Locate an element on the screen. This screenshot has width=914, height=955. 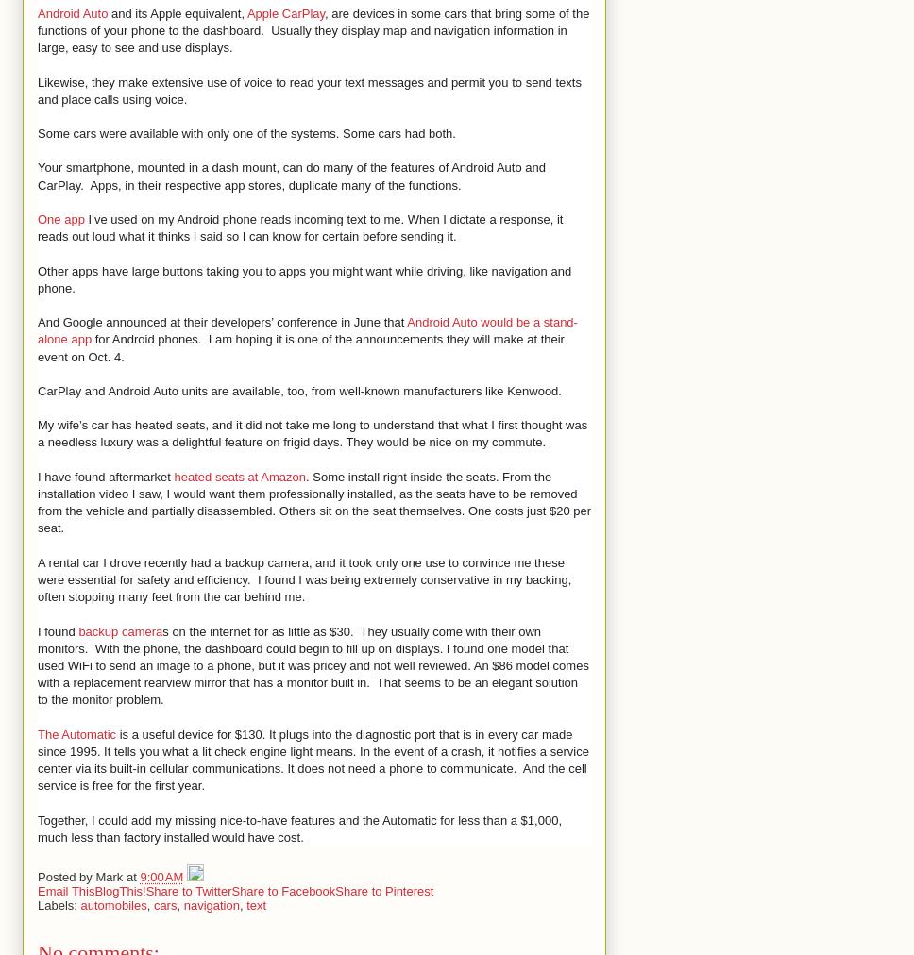
'Other apps have large buttons taking you to apps you might want while driving, like navigation and phone.' is located at coordinates (303, 277).